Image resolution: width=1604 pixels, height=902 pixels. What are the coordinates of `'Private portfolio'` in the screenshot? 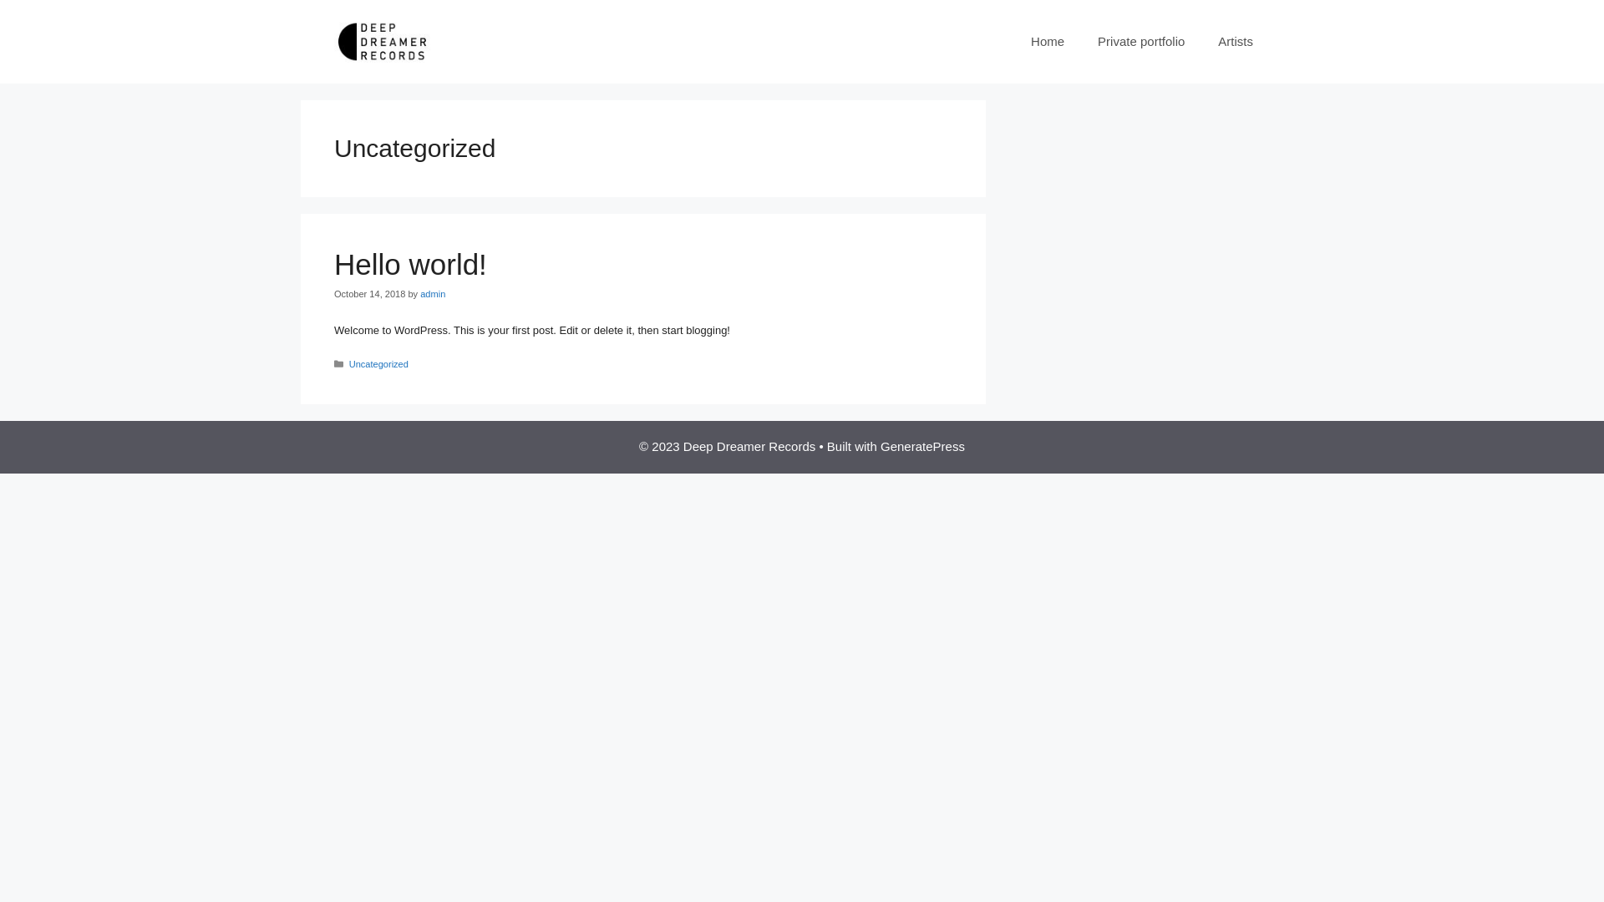 It's located at (1140, 41).